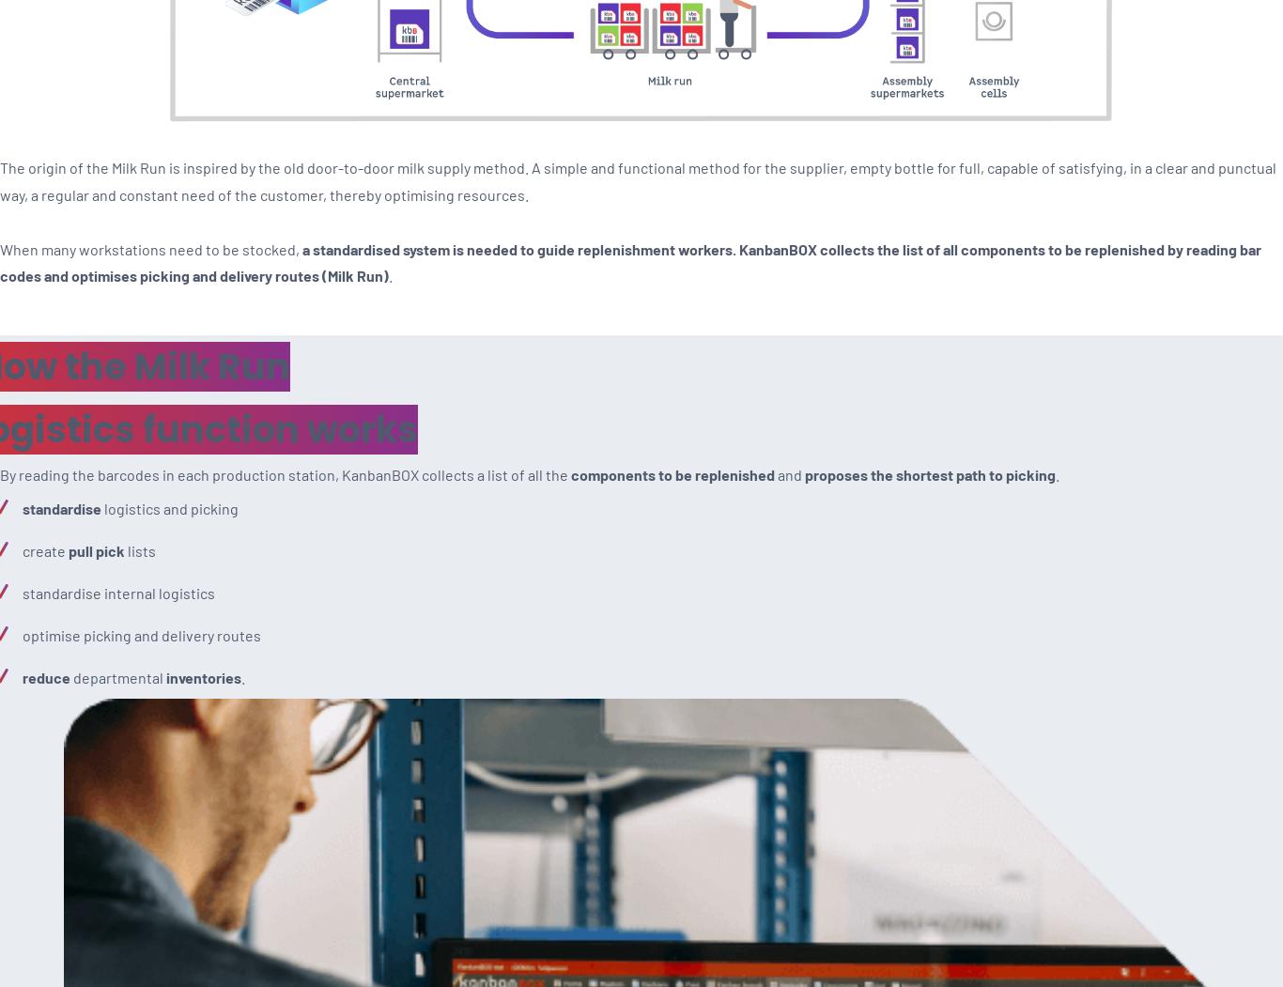 The image size is (1283, 987). Describe the element at coordinates (411, 131) in the screenshot. I see `'Find out about the potential of our platform for the Lean management of your Supply Chain'` at that location.